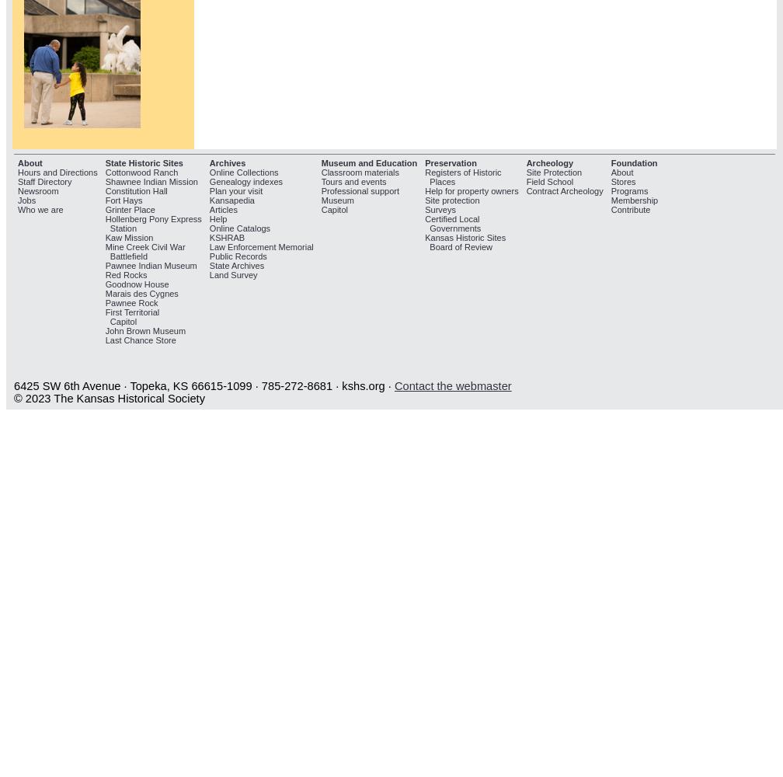 The height and width of the screenshot is (777, 783). What do you see at coordinates (243, 171) in the screenshot?
I see `'Online Collections'` at bounding box center [243, 171].